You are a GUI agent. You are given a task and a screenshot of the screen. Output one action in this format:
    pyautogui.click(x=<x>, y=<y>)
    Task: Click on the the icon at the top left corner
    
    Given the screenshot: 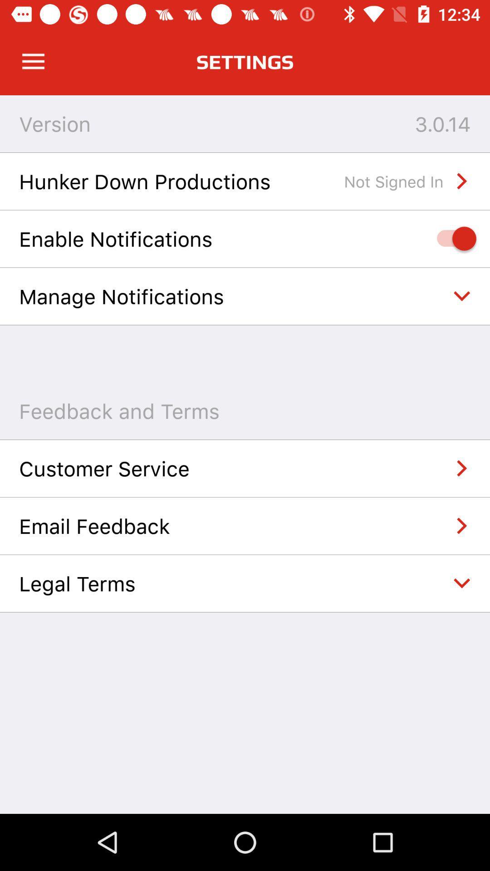 What is the action you would take?
    pyautogui.click(x=33, y=61)
    